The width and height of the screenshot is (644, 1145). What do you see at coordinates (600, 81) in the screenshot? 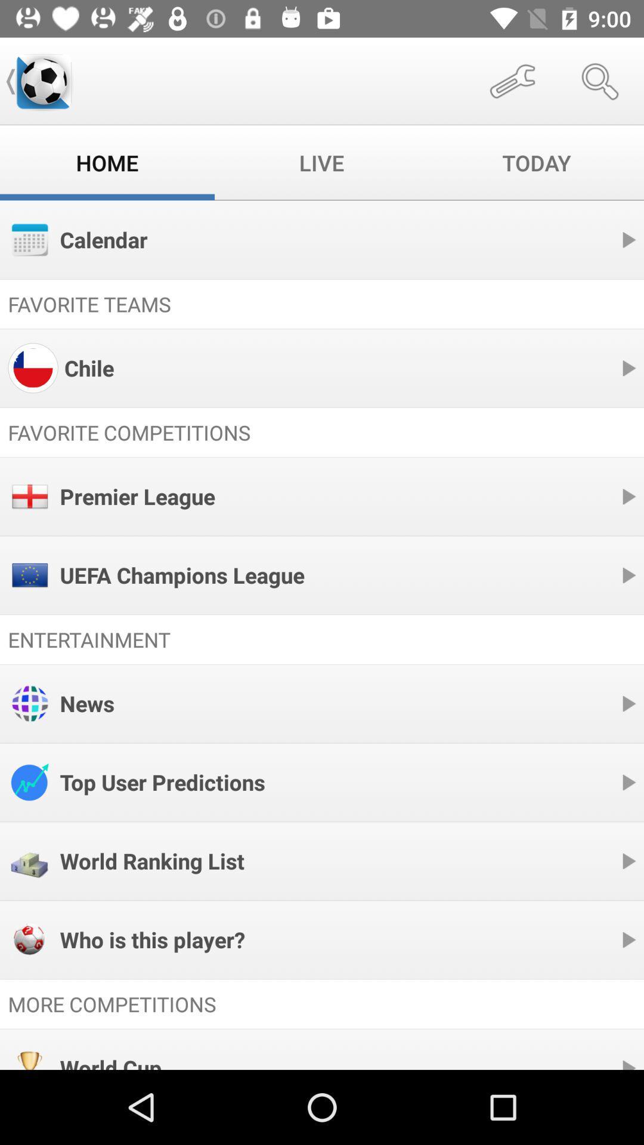
I see `item above today item` at bounding box center [600, 81].